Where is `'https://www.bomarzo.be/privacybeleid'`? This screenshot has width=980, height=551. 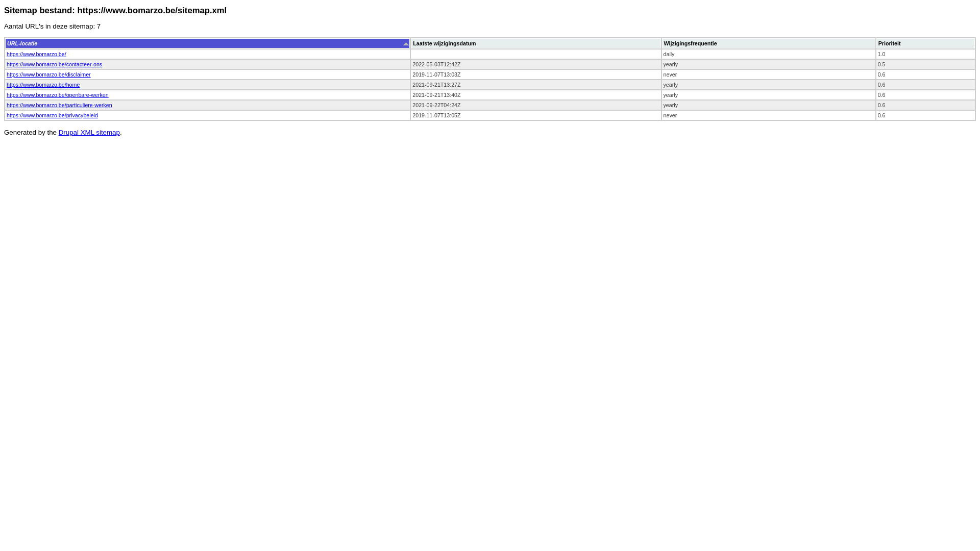
'https://www.bomarzo.be/privacybeleid' is located at coordinates (52, 115).